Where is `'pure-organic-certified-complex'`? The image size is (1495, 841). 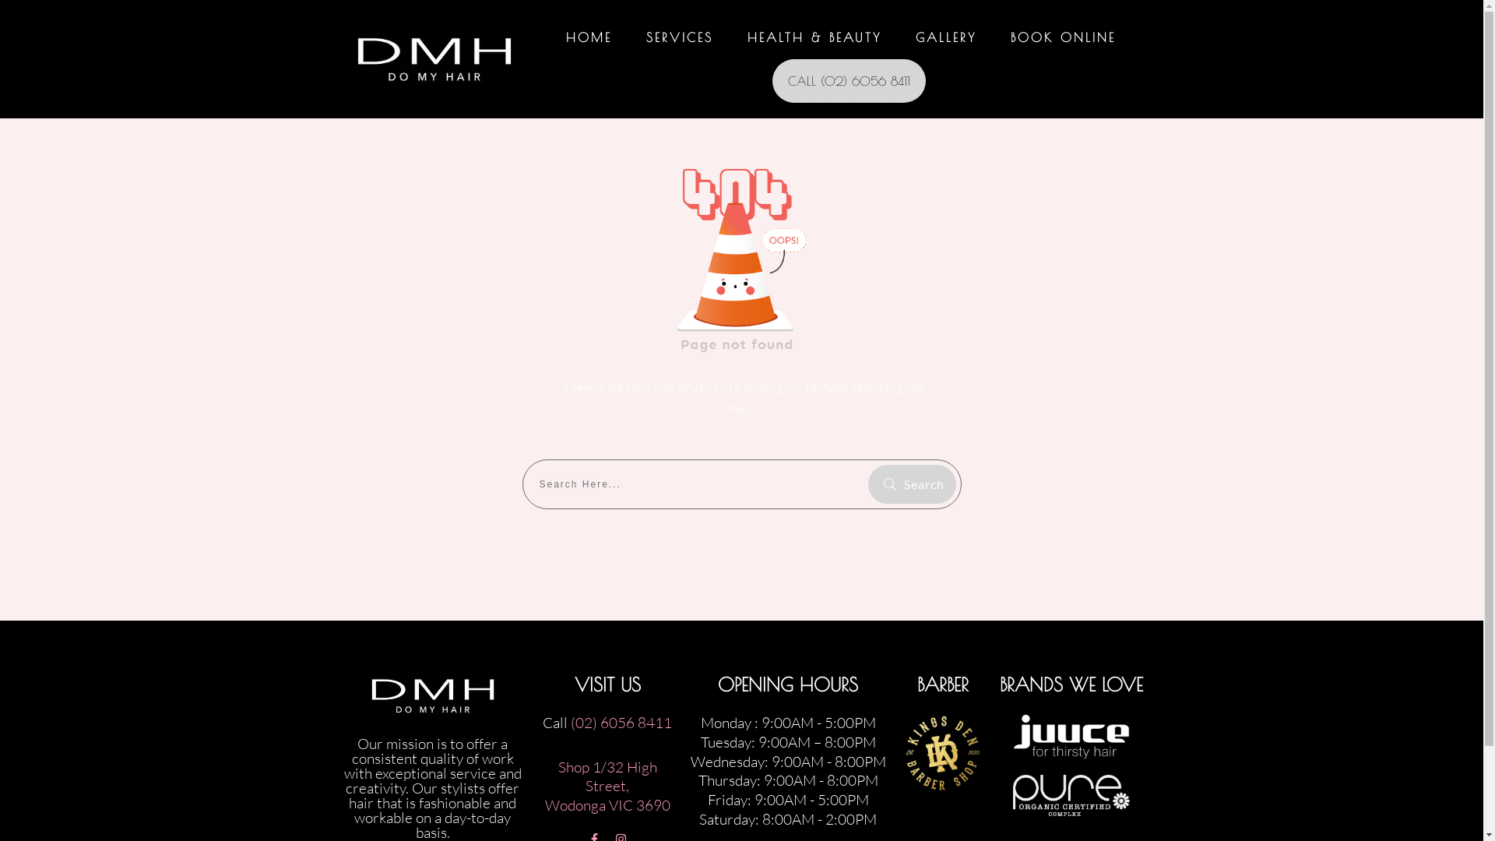 'pure-organic-certified-complex' is located at coordinates (1071, 795).